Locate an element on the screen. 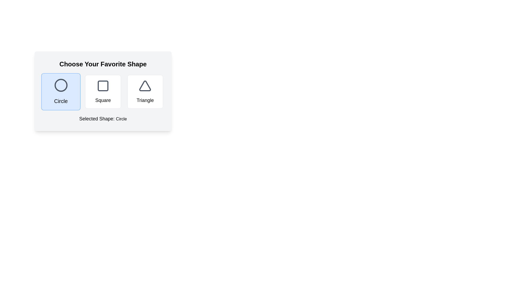 This screenshot has width=514, height=289. one of the shape options (Circle, Square, Triangle) in the 'Choose Your Favorite Shape' component is located at coordinates (103, 91).